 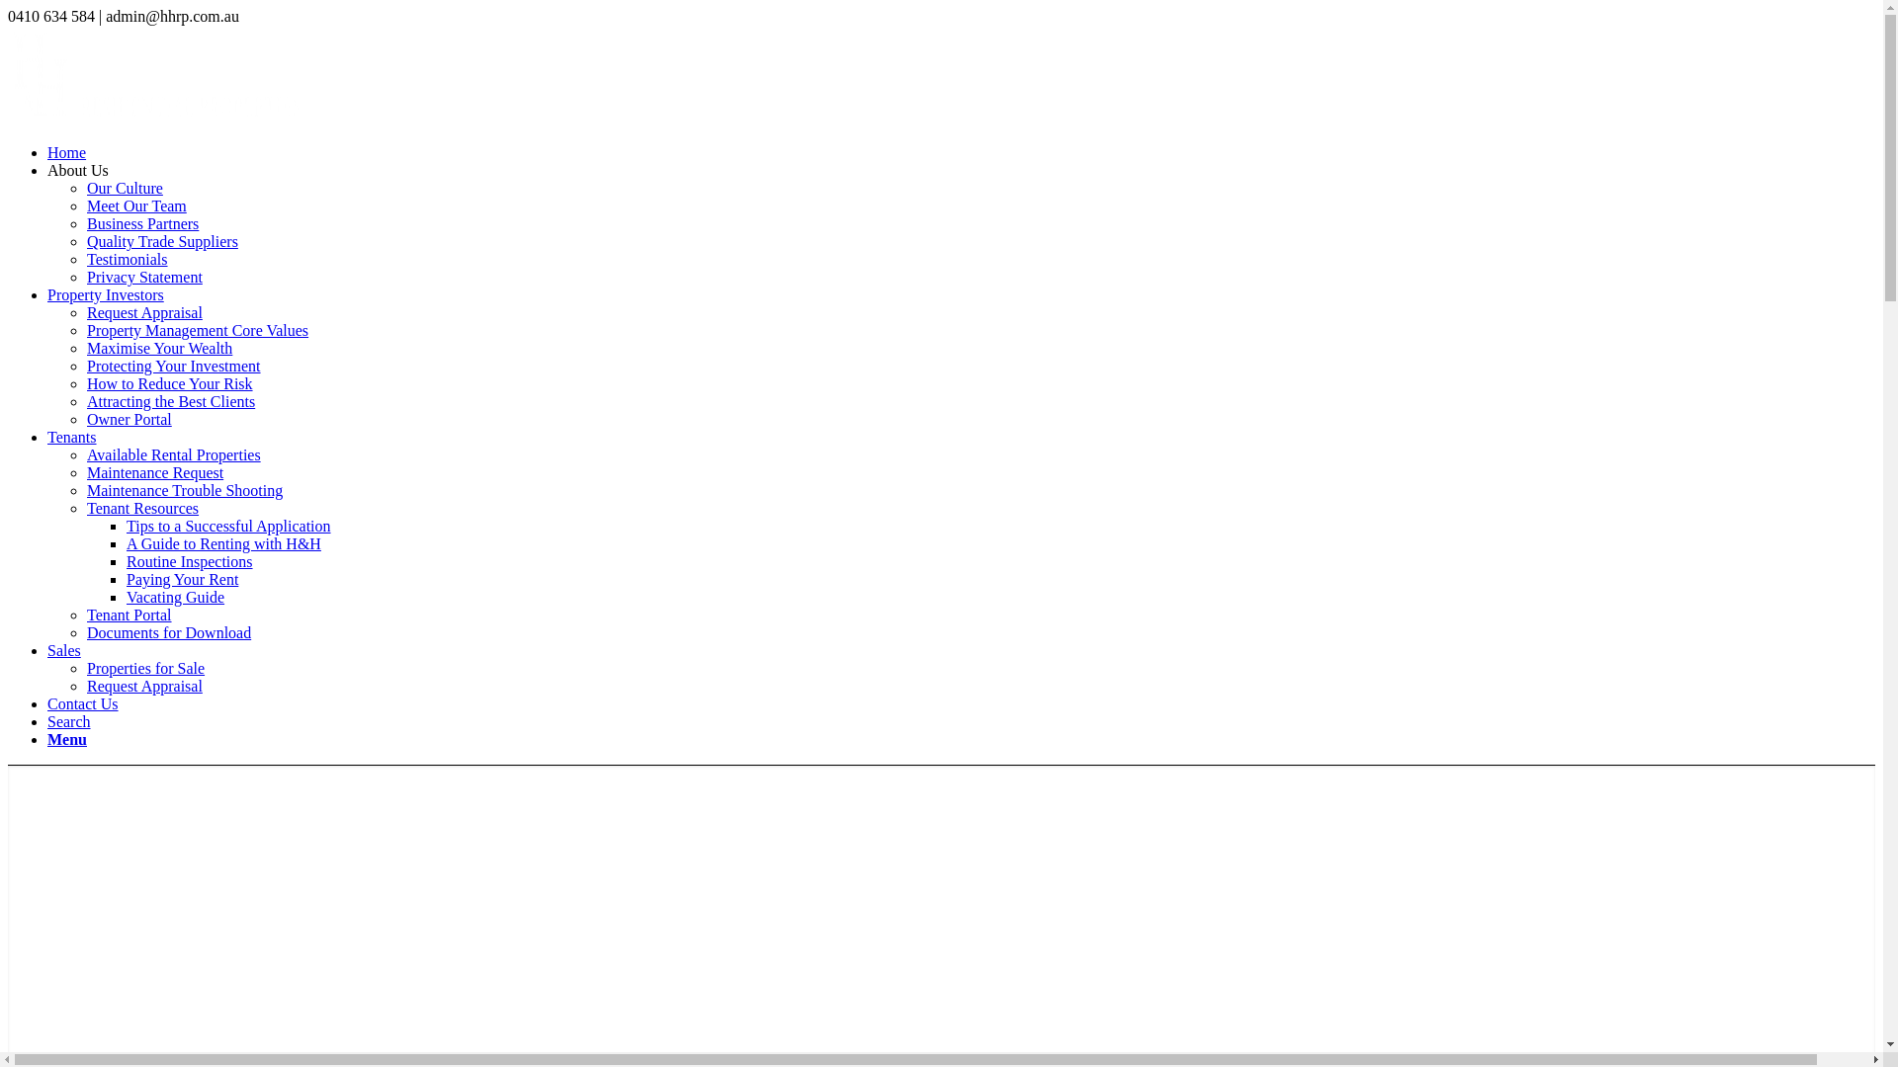 What do you see at coordinates (128, 418) in the screenshot?
I see `'Owner Portal'` at bounding box center [128, 418].